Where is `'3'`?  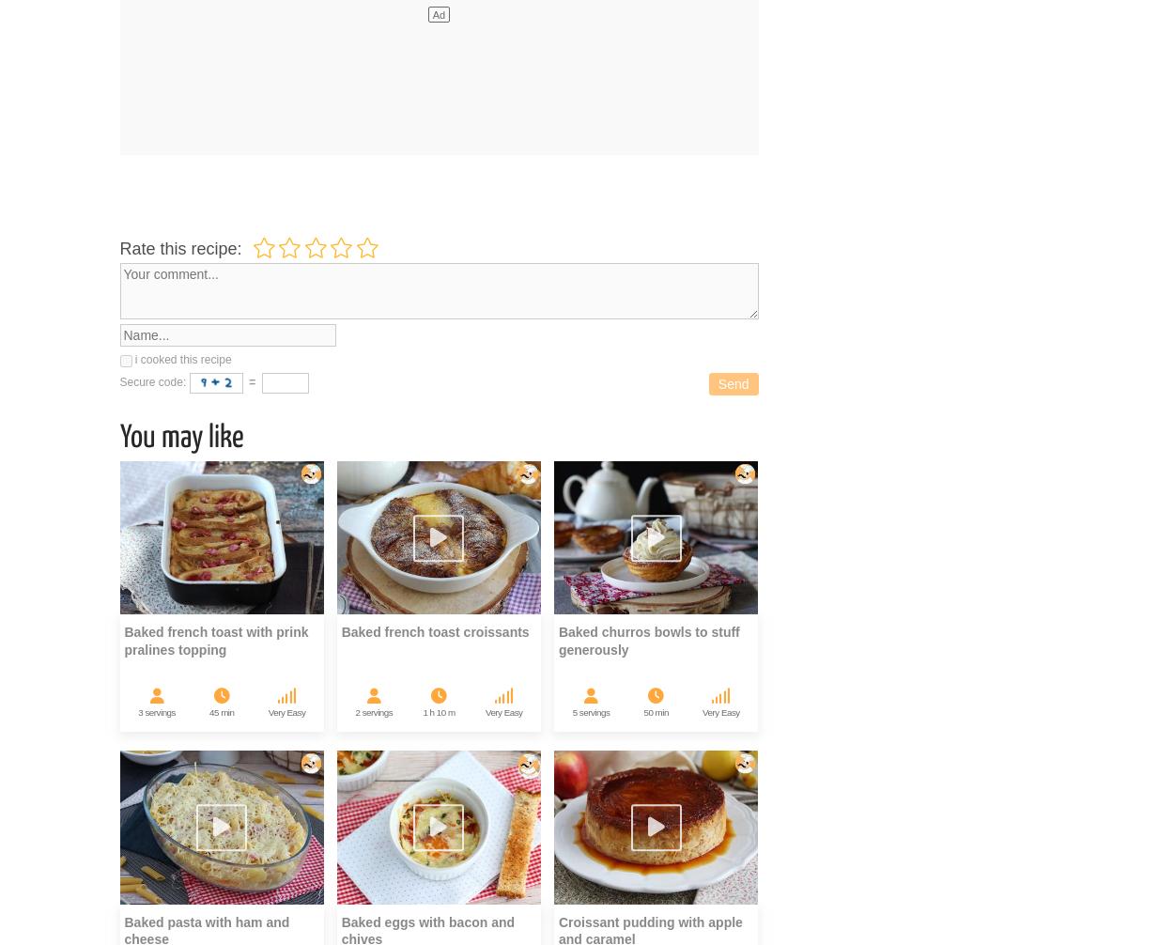 '3' is located at coordinates (140, 711).